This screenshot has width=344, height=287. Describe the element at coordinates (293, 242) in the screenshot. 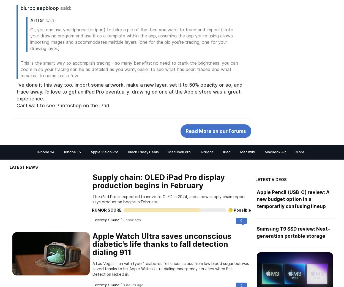

I see `'Apple Pencil (USB-C) review: A new budget option in a temporarily confusing lineup'` at that location.